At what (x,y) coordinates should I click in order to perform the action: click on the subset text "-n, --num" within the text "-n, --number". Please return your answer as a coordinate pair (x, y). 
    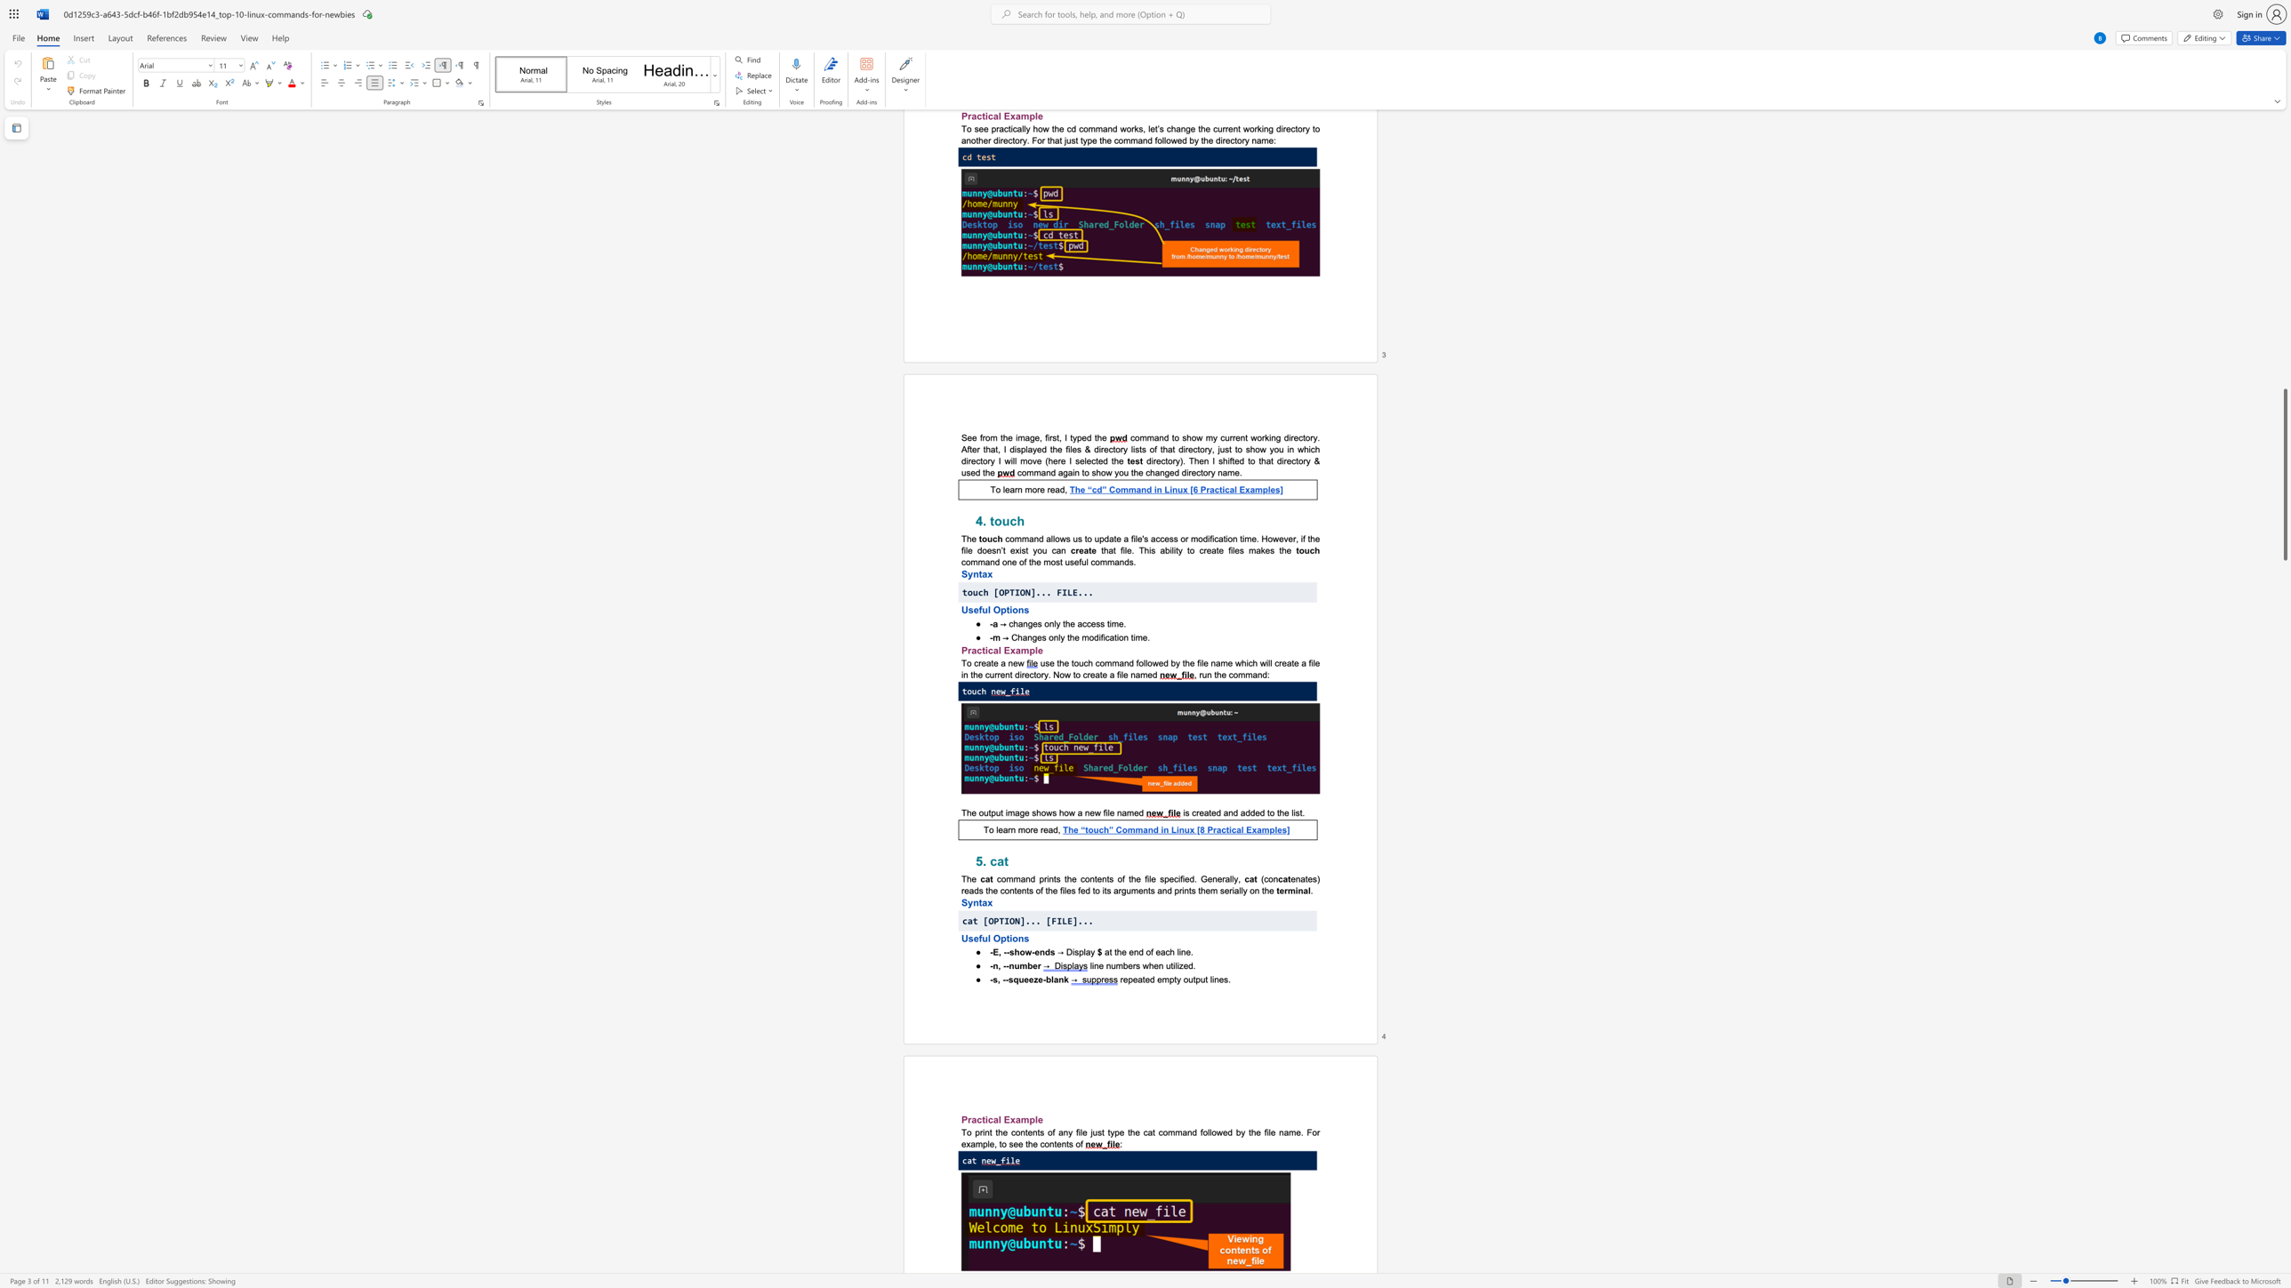
    Looking at the image, I should click on (989, 966).